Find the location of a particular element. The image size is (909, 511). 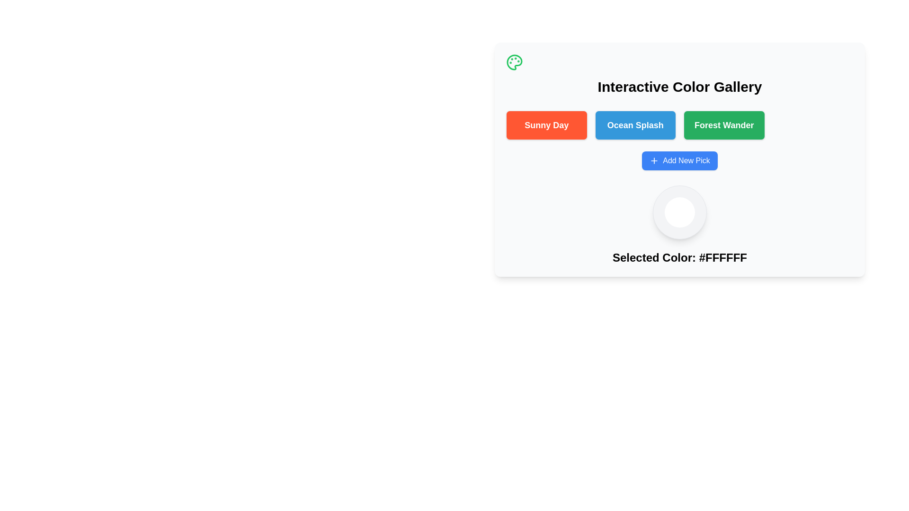

the label-like textual component indicating the 'Ocean Splash' color palette, which is the second option in a row of three buttons in the Interactive Color Gallery is located at coordinates (635, 125).